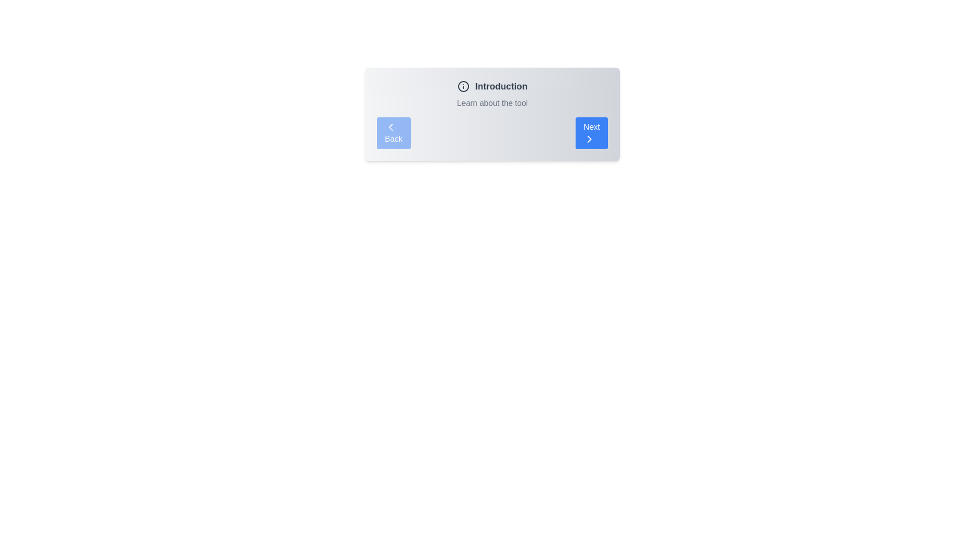 Image resolution: width=956 pixels, height=537 pixels. What do you see at coordinates (592, 132) in the screenshot?
I see `the blue 'Next' button with white text and a right-pointing arrow icon to observe the hover effect` at bounding box center [592, 132].